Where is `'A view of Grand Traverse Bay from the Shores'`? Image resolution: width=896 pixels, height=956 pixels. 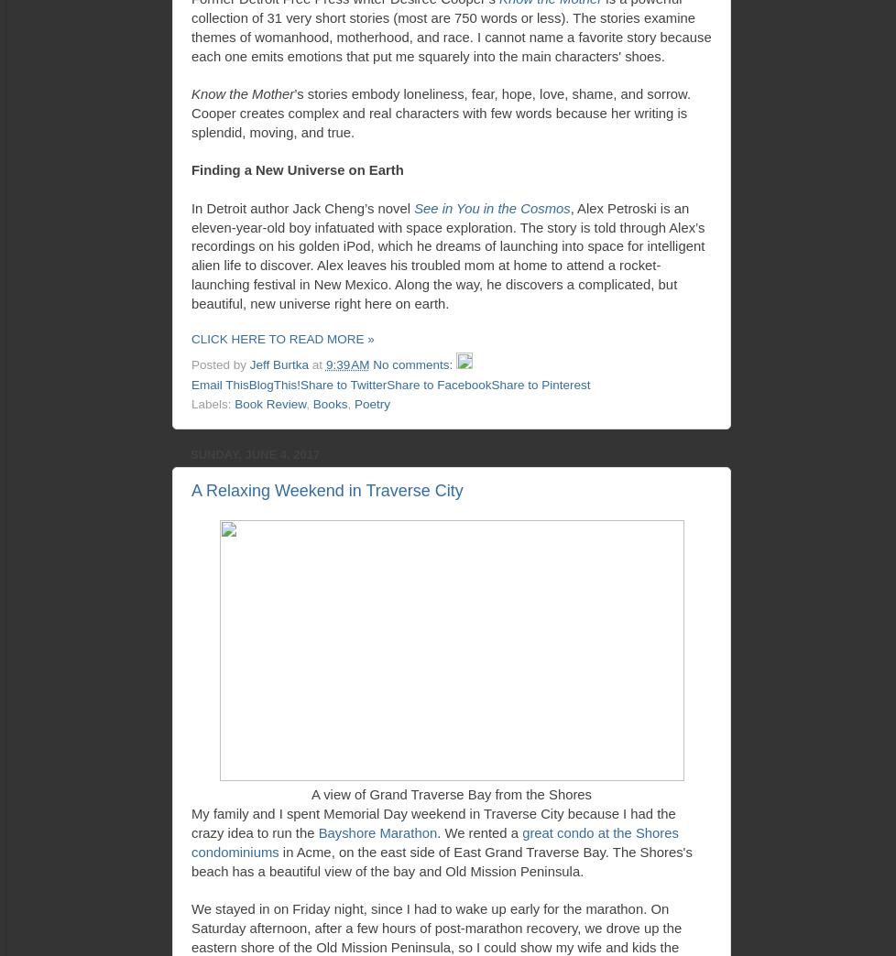
'A view of Grand Traverse Bay from the Shores' is located at coordinates (451, 794).